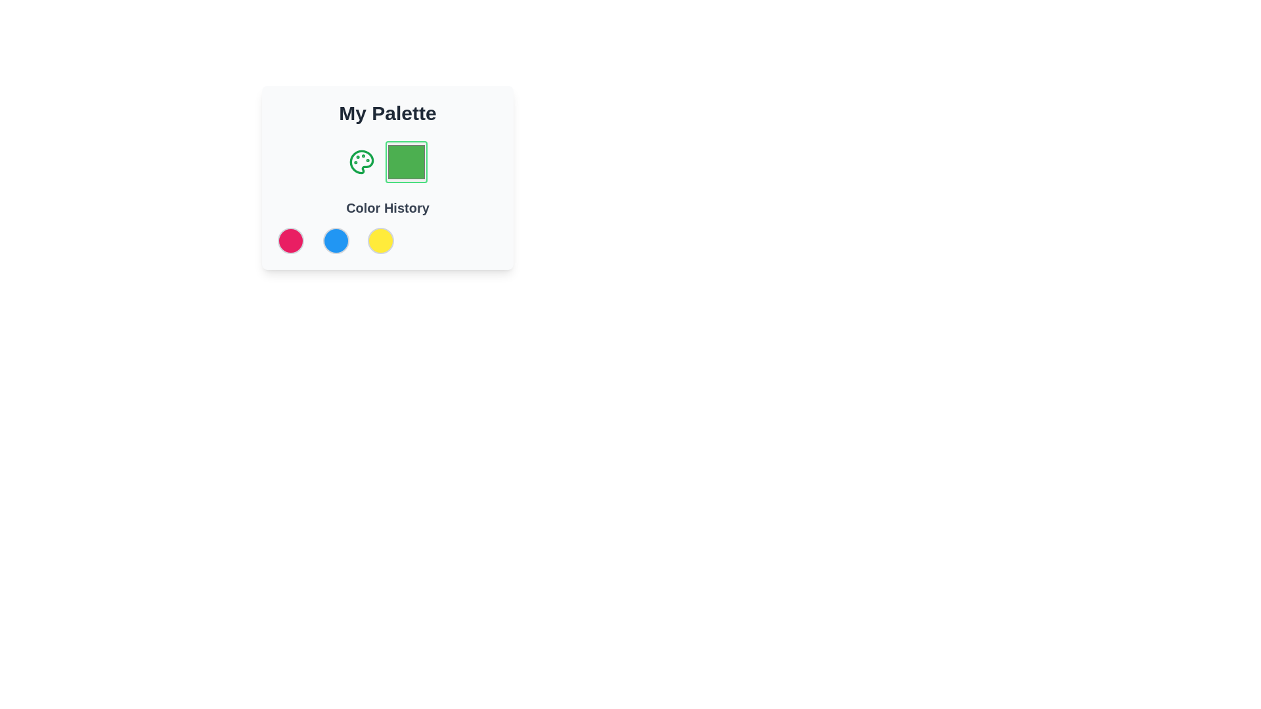 This screenshot has height=709, width=1261. What do you see at coordinates (387, 207) in the screenshot?
I see `the 'Color History' text label, which is styled in bold, dark gray font and centered above a row of color swatches` at bounding box center [387, 207].